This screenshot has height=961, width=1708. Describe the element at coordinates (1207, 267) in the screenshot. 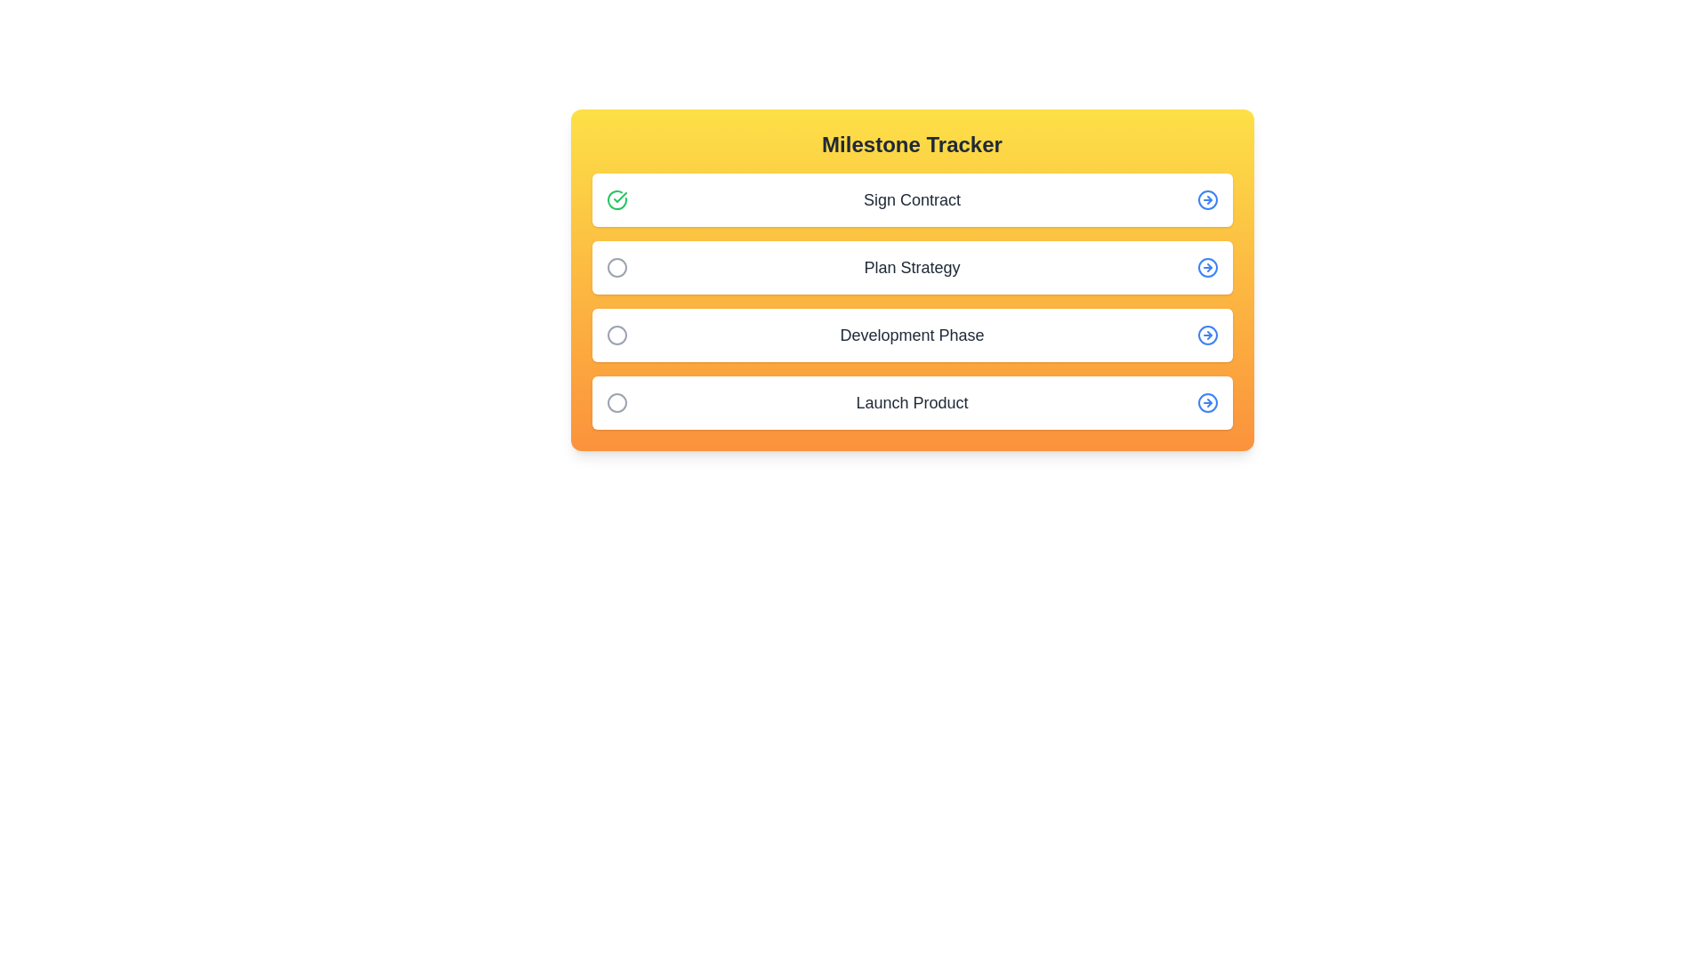

I see `the circular outline and arrow icon next to the 'Plan Strategy' item` at that location.